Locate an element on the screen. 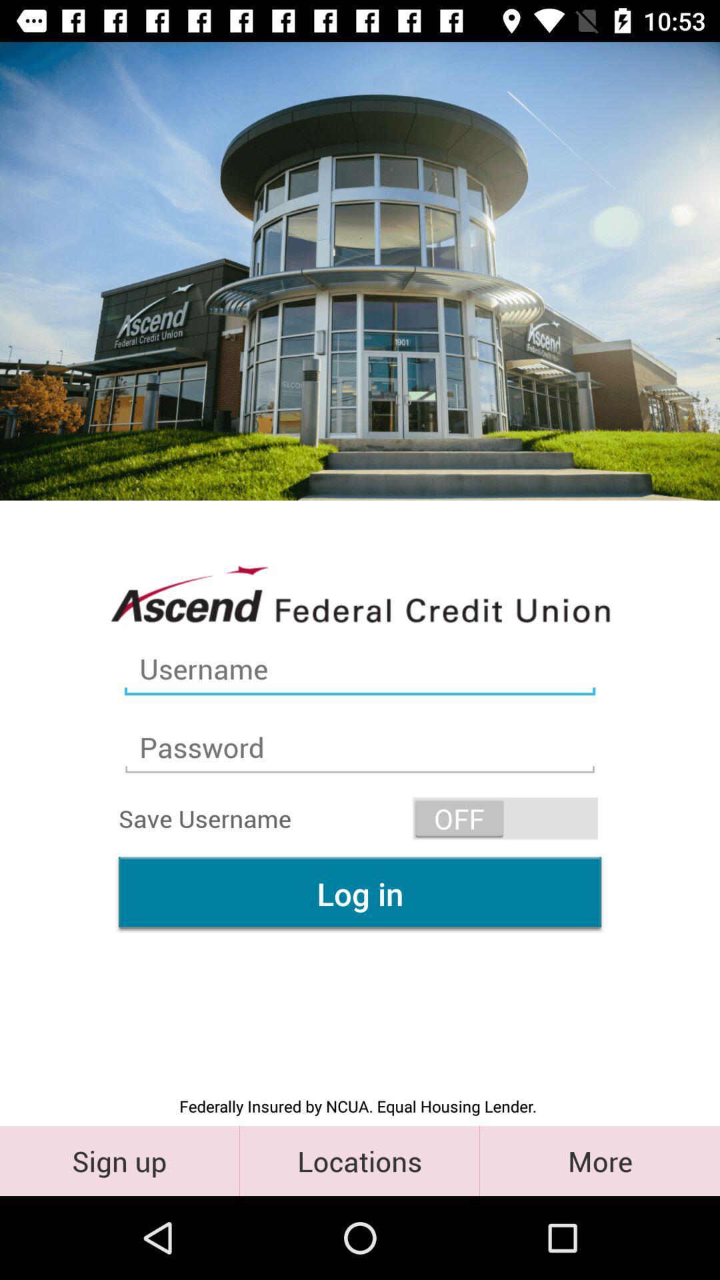 This screenshot has width=720, height=1280. the off button above the log in option is located at coordinates (505, 818).